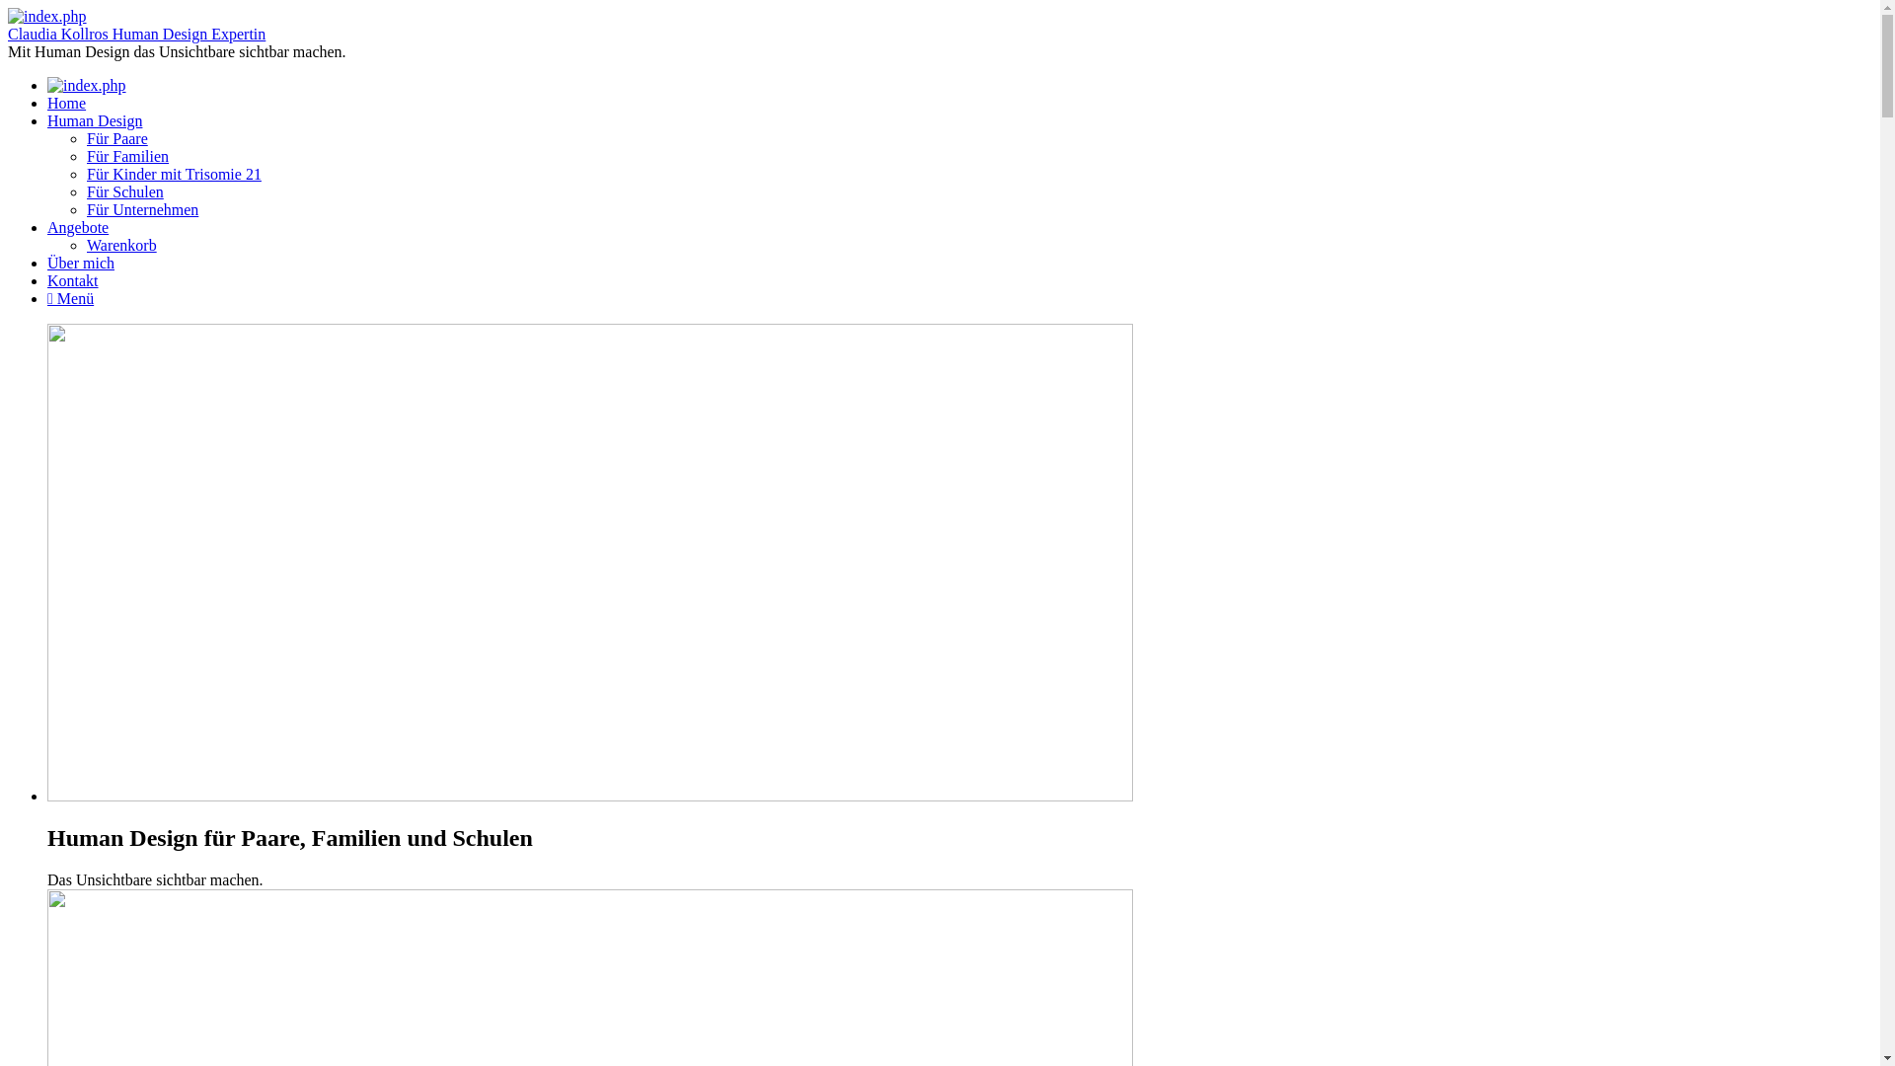  Describe the element at coordinates (85, 244) in the screenshot. I see `'Warenkorb'` at that location.